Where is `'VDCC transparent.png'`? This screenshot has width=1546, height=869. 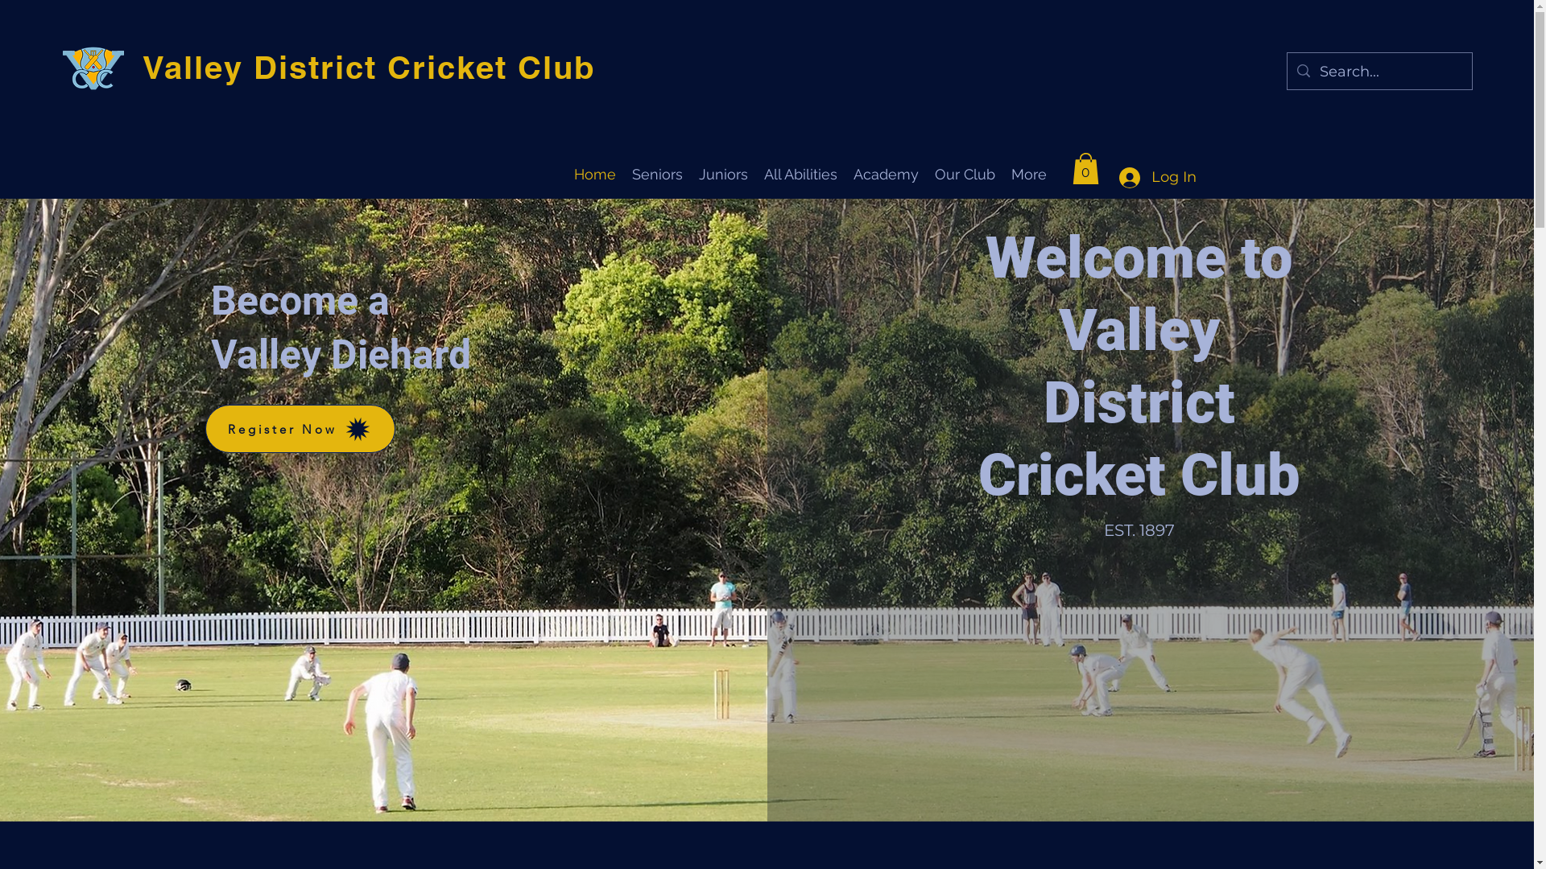
'VDCC transparent.png' is located at coordinates (62, 70).